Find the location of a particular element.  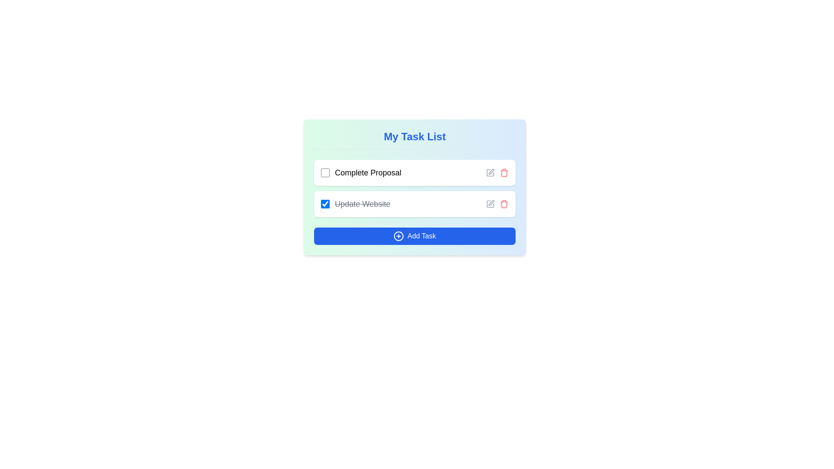

the non-interactive text element displaying the title 'Update Website' which indicates a completed task with strikethrough styling, located within the second task item of the task list interface is located at coordinates (362, 204).